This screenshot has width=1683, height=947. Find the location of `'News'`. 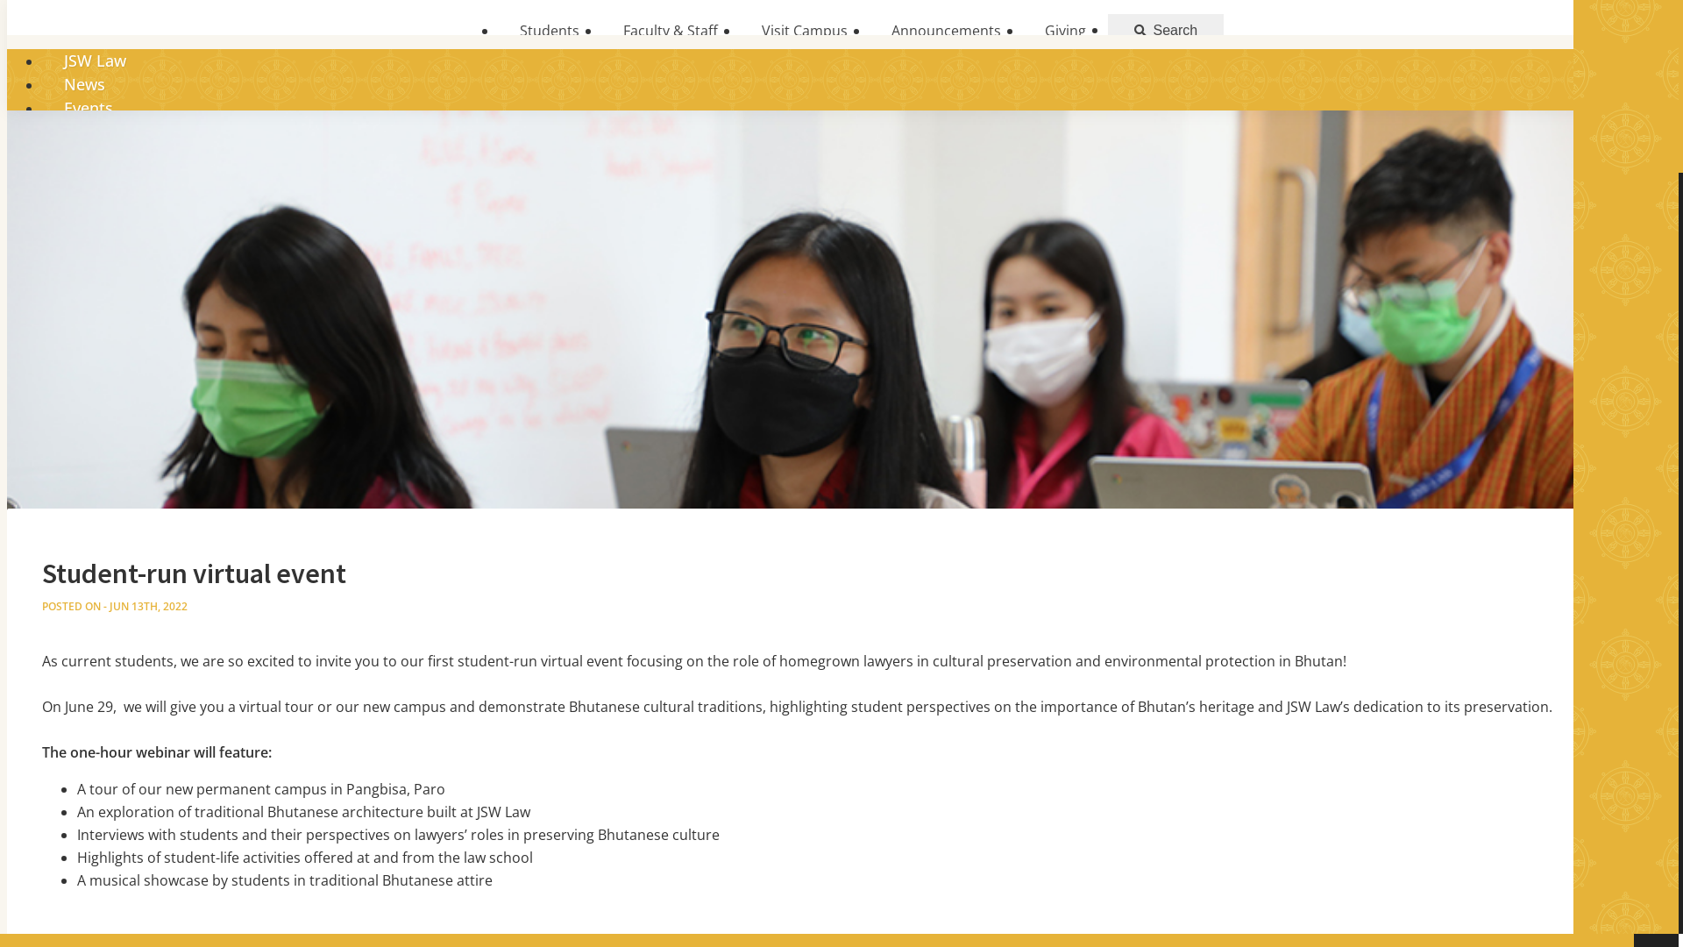

'News' is located at coordinates (83, 84).